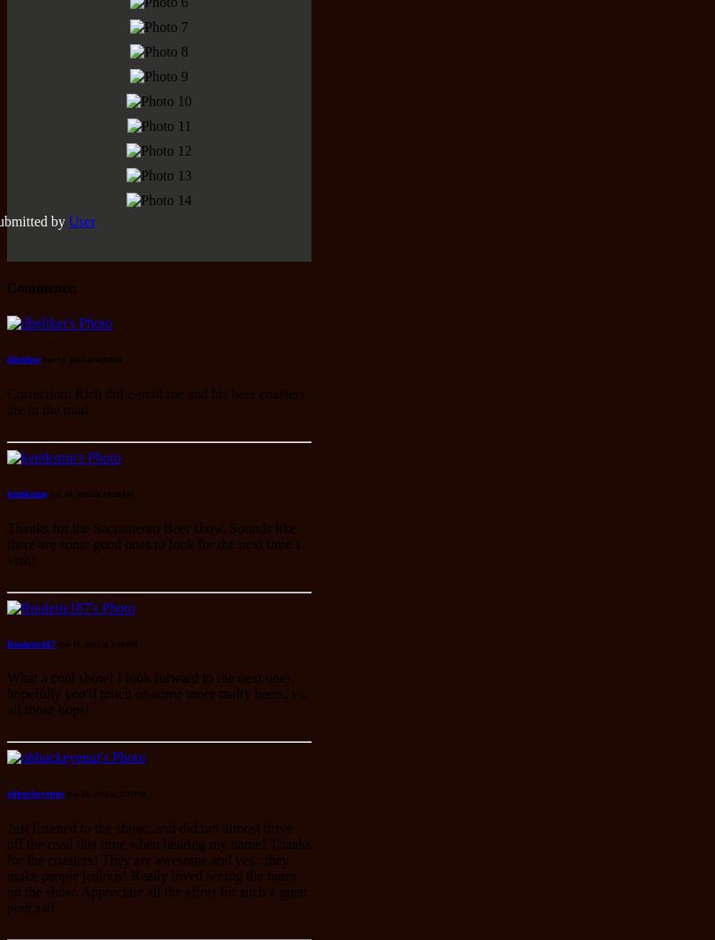  What do you see at coordinates (152, 542) in the screenshot?
I see `'Thanks for the Sacramento Beer show. Sounds like there are some good ones to look for the next time I visit!'` at bounding box center [152, 542].